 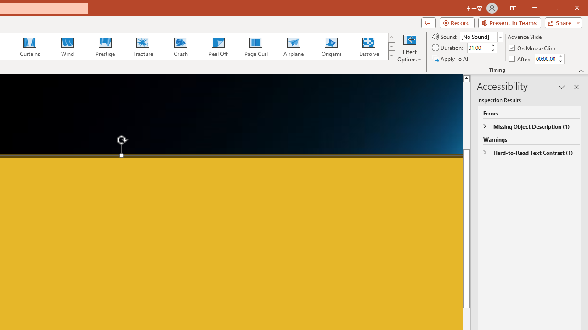 What do you see at coordinates (391, 55) in the screenshot?
I see `'Transition Effects'` at bounding box center [391, 55].